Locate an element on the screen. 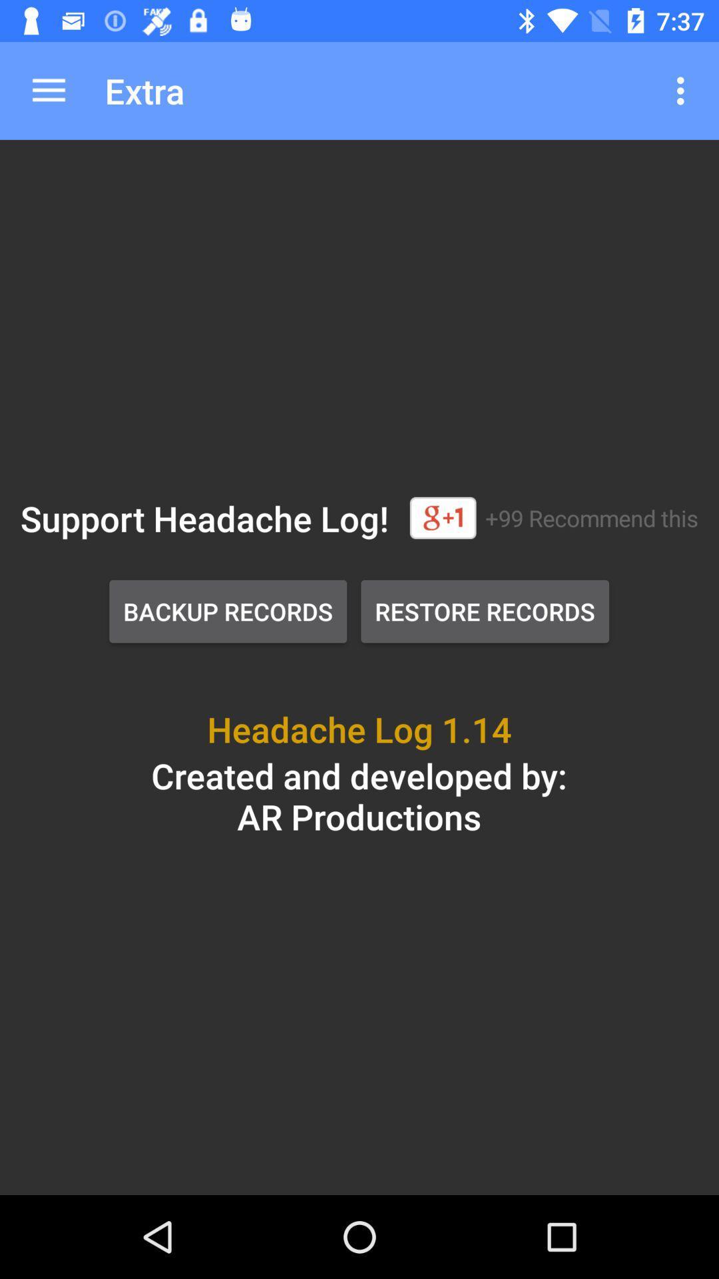 The height and width of the screenshot is (1279, 719). icon next to the extra app is located at coordinates (684, 90).